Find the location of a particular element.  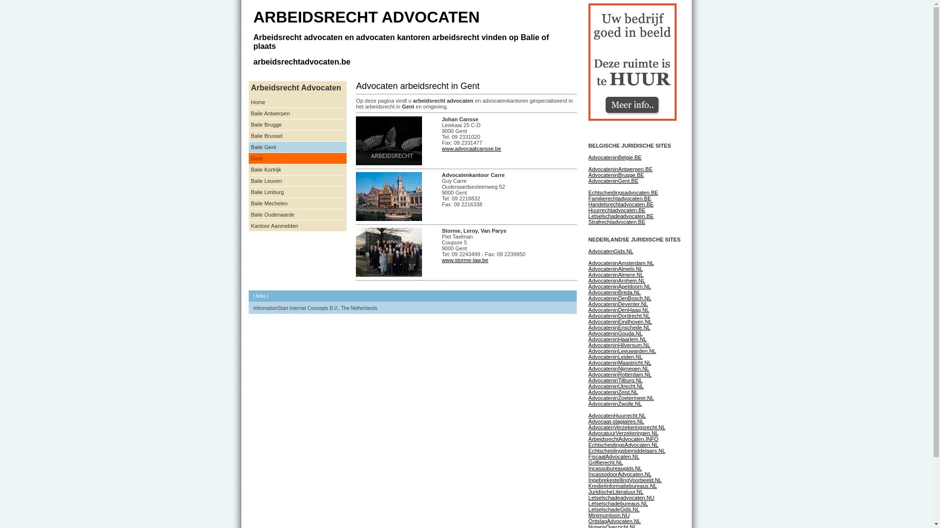

'Familierechtadvocaten.BE' is located at coordinates (619, 198).